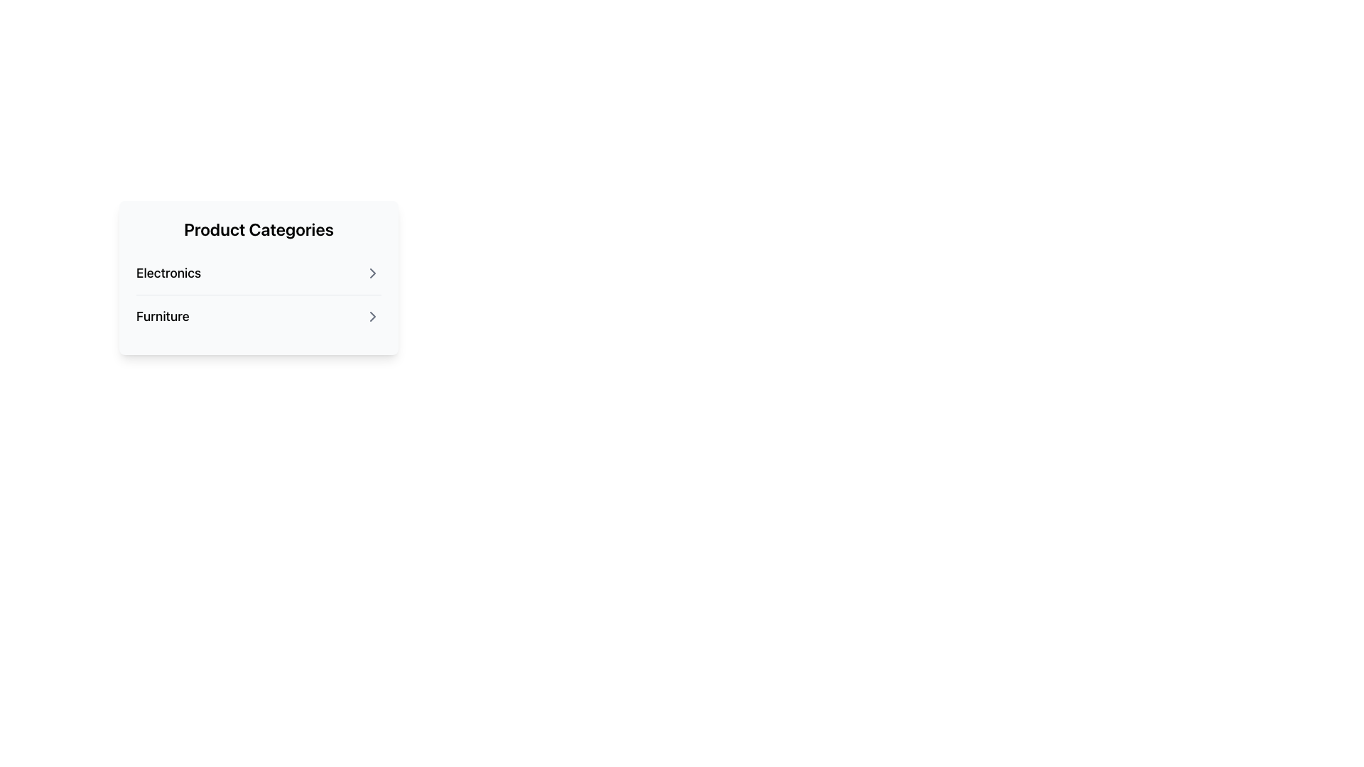 The height and width of the screenshot is (767, 1364). Describe the element at coordinates (372, 316) in the screenshot. I see `the right-facing gray arrow icon button located to the far right of the 'Furniture' text in the 'Product Categories' section` at that location.